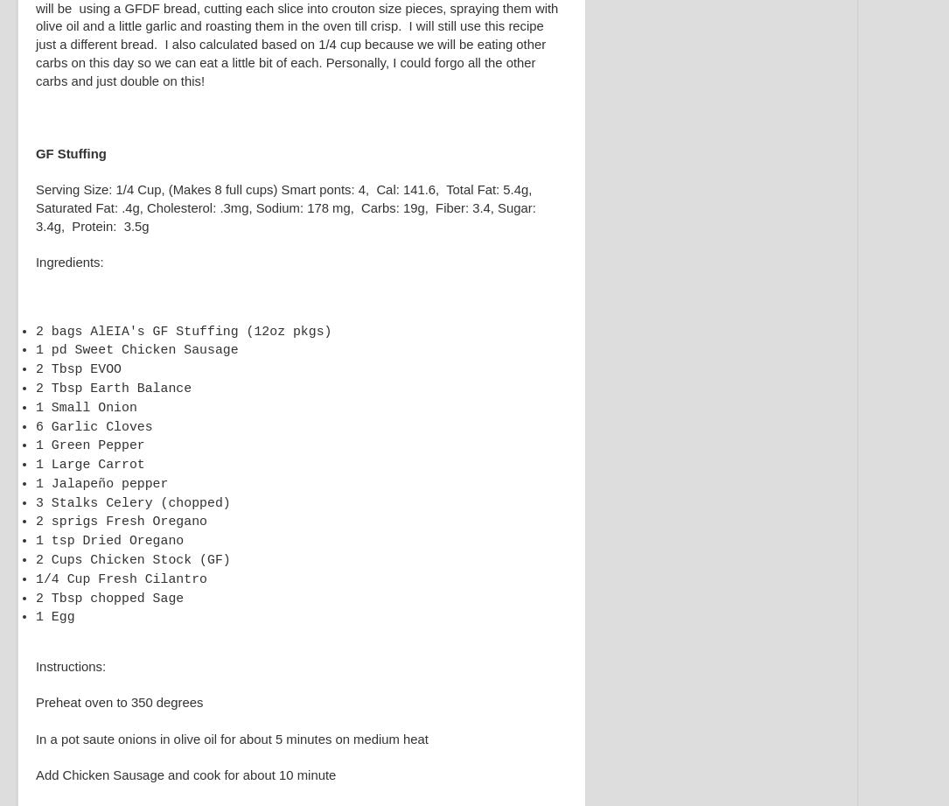  Describe the element at coordinates (36, 406) in the screenshot. I see `'1 Small Onion'` at that location.